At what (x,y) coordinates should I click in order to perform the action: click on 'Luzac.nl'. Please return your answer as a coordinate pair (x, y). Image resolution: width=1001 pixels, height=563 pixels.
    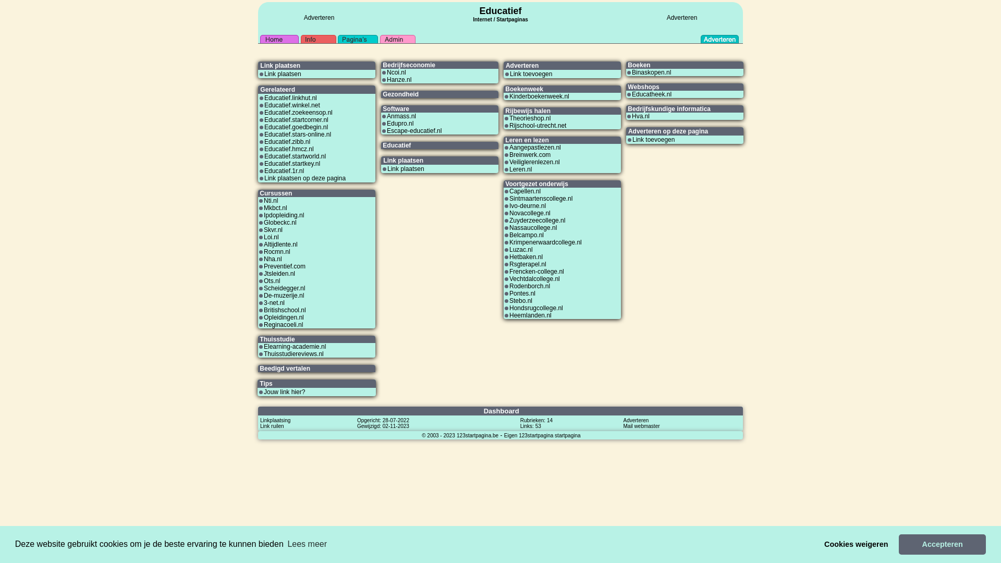
    Looking at the image, I should click on (521, 249).